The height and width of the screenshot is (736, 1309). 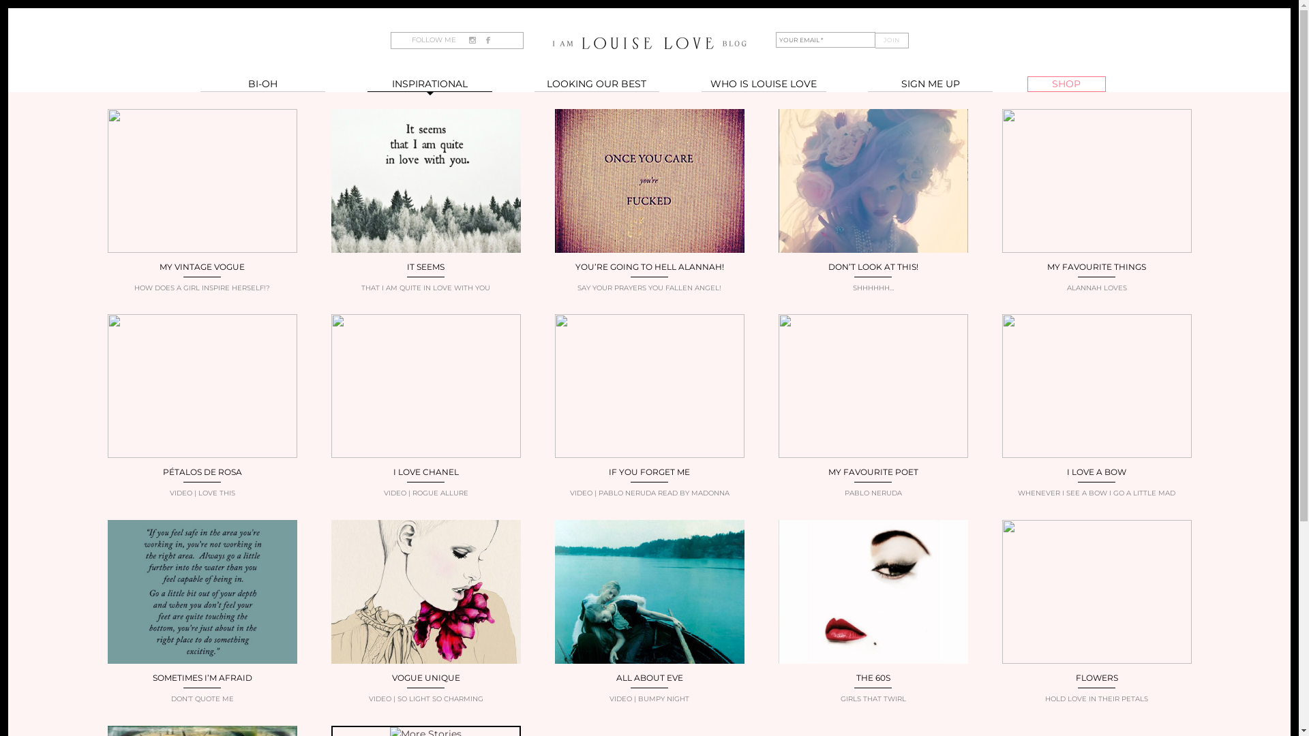 I want to click on 'FLOWERS', so click(x=1096, y=677).